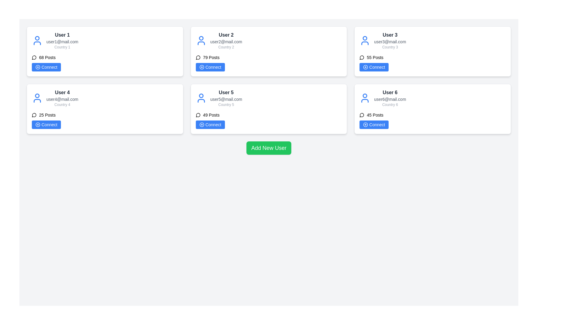 Image resolution: width=582 pixels, height=327 pixels. Describe the element at coordinates (34, 58) in the screenshot. I see `the icon that signifies the number of posts or comments associated with 'User 1', located adjacent to the '68 Posts' text in the user card` at that location.